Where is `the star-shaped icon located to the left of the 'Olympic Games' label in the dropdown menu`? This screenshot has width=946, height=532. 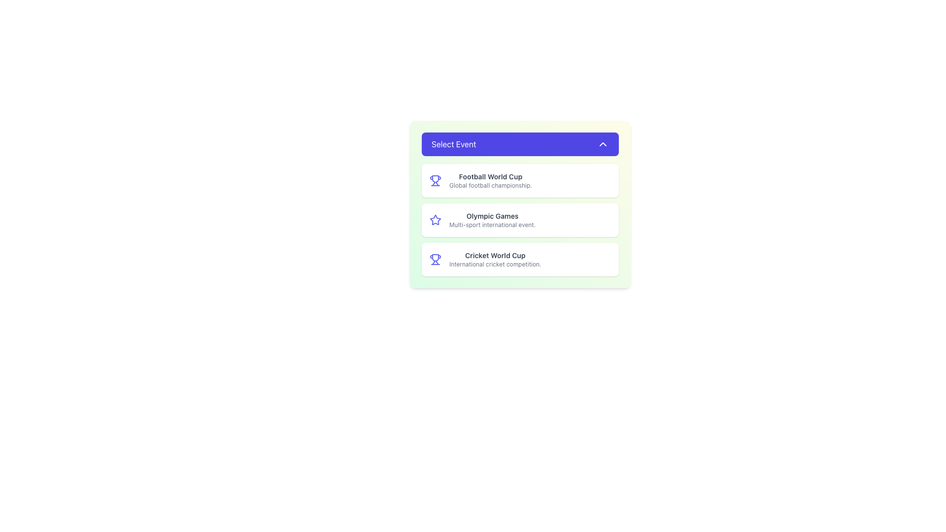
the star-shaped icon located to the left of the 'Olympic Games' label in the dropdown menu is located at coordinates (435, 219).